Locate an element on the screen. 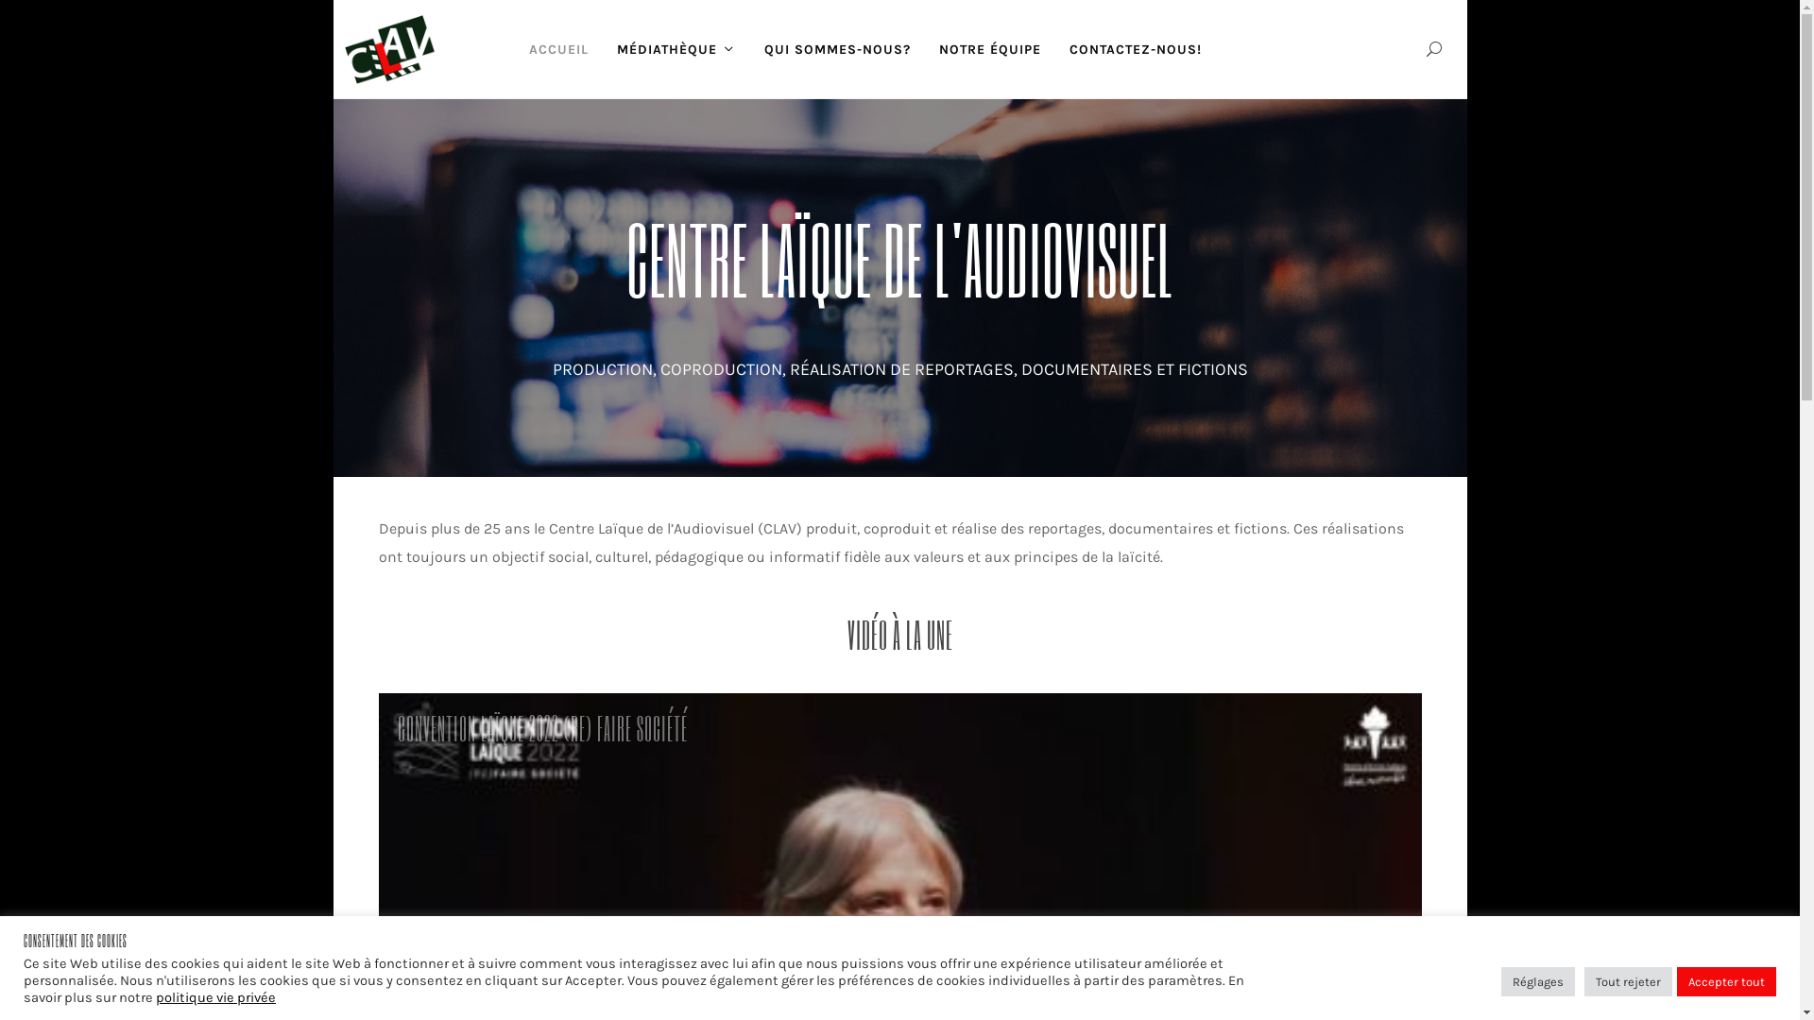 This screenshot has width=1814, height=1020. 'Accepter tout' is located at coordinates (1726, 980).